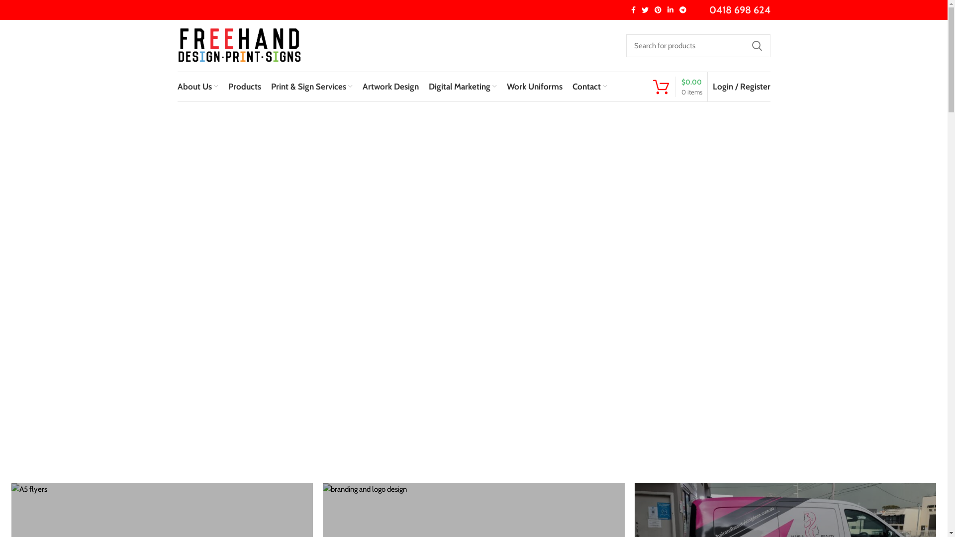 The width and height of the screenshot is (955, 537). What do you see at coordinates (676, 86) in the screenshot?
I see `'0 items` at bounding box center [676, 86].